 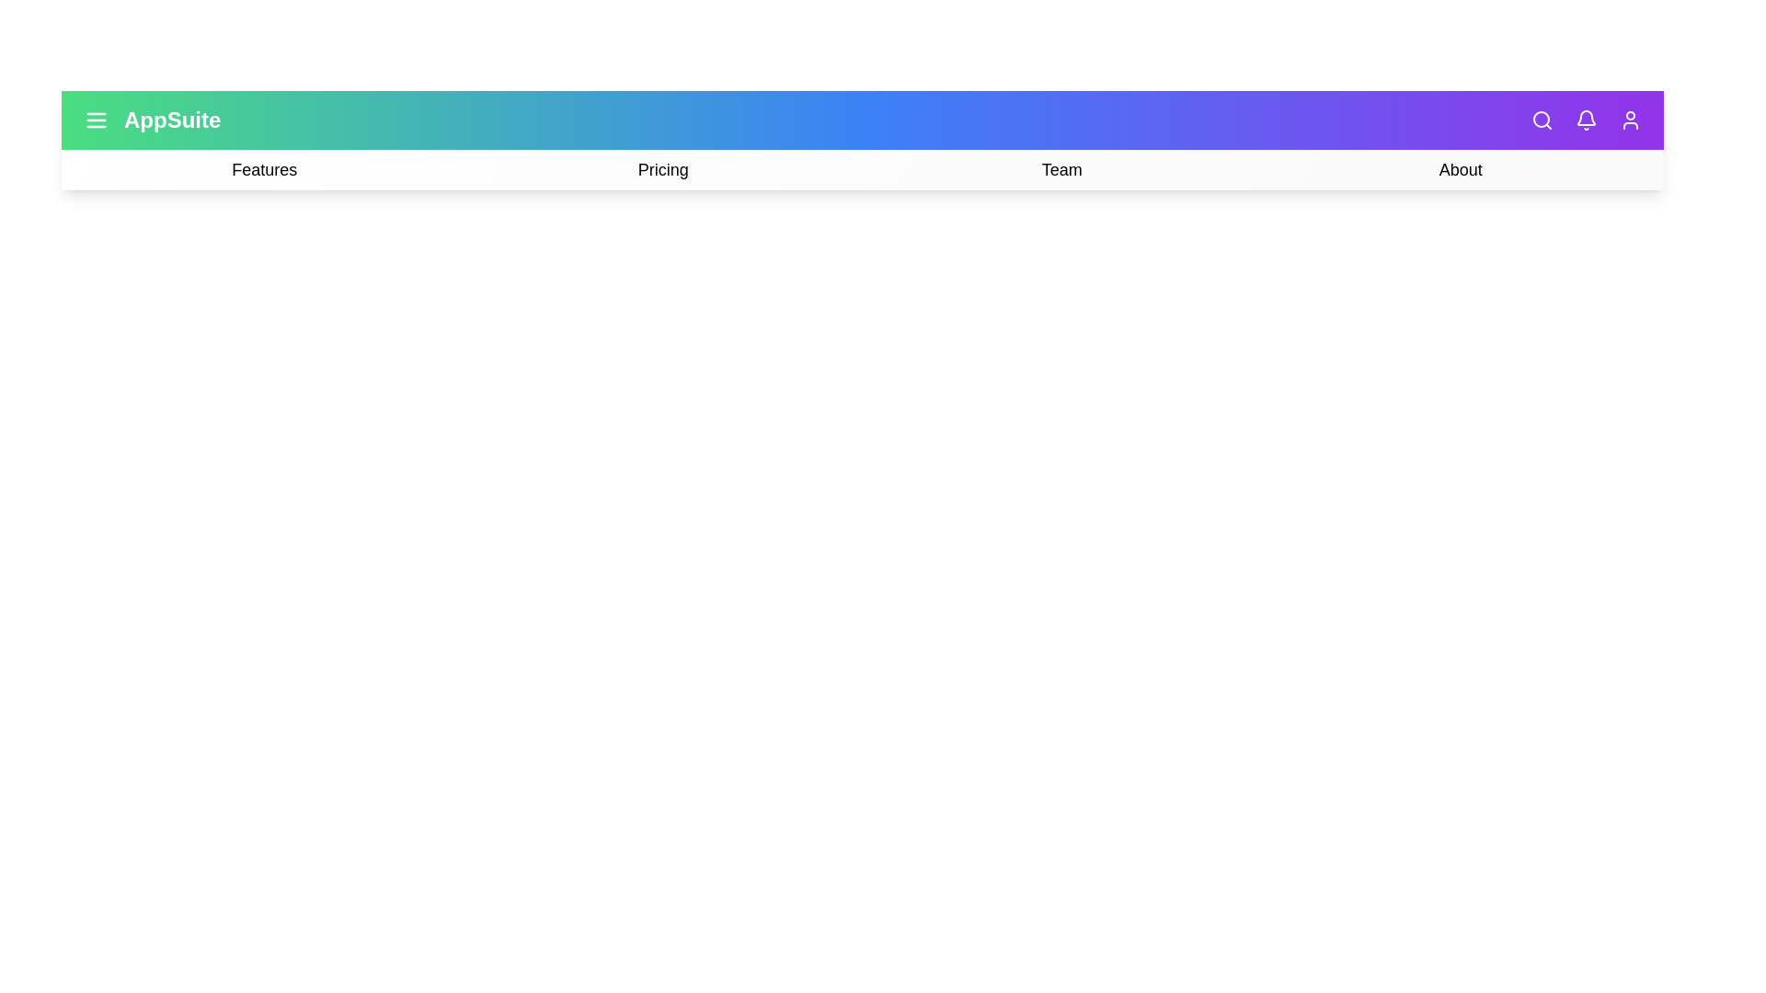 I want to click on the 'Pricing' option in the navigation bar, so click(x=662, y=170).